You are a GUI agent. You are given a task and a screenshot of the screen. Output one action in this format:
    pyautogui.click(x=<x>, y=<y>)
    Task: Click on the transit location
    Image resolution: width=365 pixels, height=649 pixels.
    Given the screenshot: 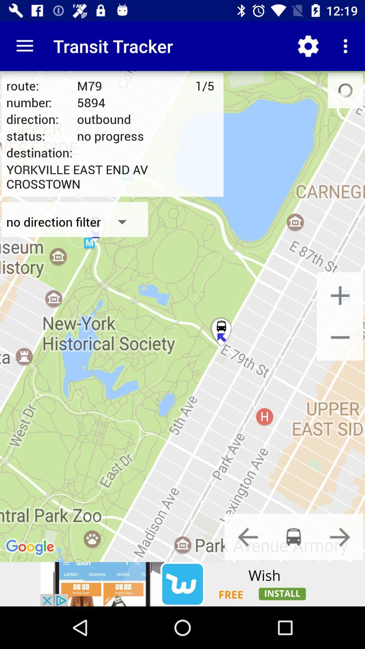 What is the action you would take?
    pyautogui.click(x=293, y=536)
    